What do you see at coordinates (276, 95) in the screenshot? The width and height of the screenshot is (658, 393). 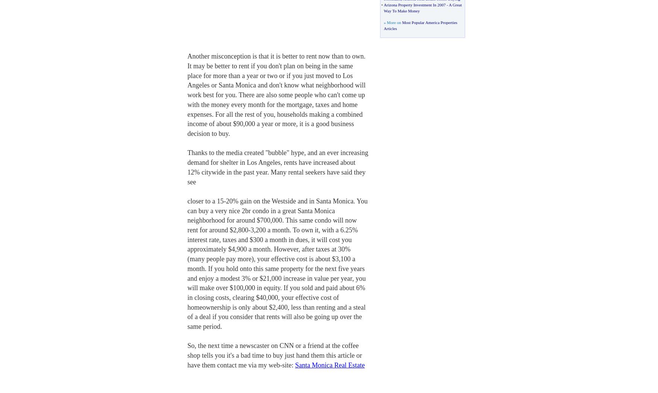 I see `'Another misconception is that it is better to rent now than to own. It may be better to rent if you don't plan on being in the same place for more than a year or two or if you just moved to Los Angeles or Santa Monica and don't know what neighborhood will work best for you. There are also some people who can't come up with the money every month for the mortgage, taxes and home expenses. For all the rest of you, households making a combined income of about $90,000 a year or more, it is a good business decision to buy.'` at bounding box center [276, 95].